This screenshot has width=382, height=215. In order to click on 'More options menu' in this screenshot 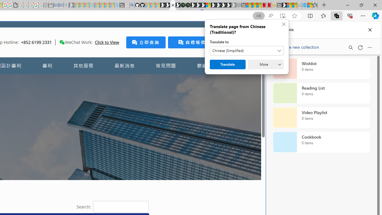, I will do `click(369, 47)`.